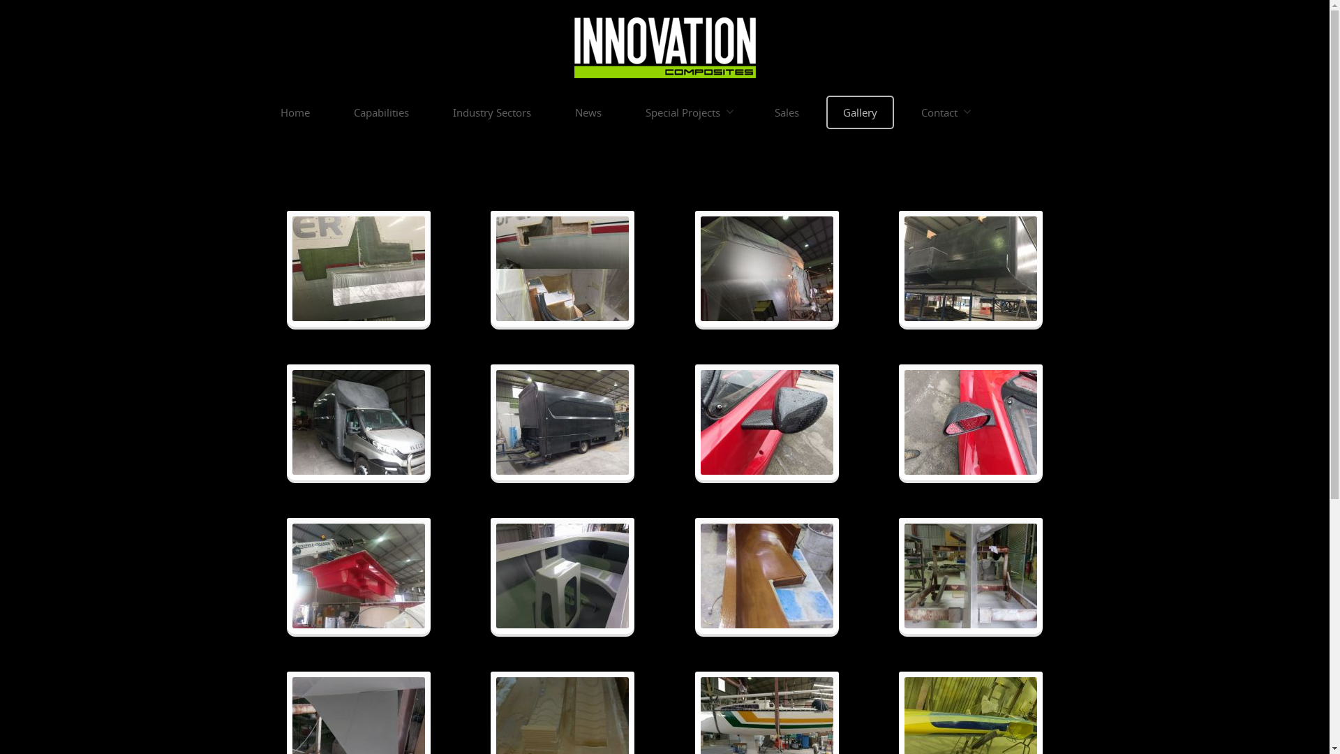 This screenshot has height=754, width=1340. I want to click on 'Industry Sectors', so click(491, 112).